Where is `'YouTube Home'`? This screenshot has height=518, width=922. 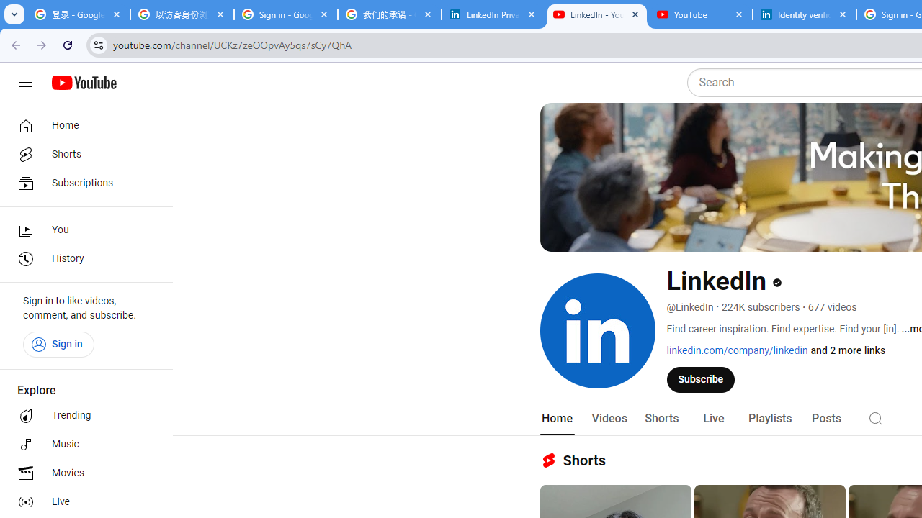
'YouTube Home' is located at coordinates (83, 83).